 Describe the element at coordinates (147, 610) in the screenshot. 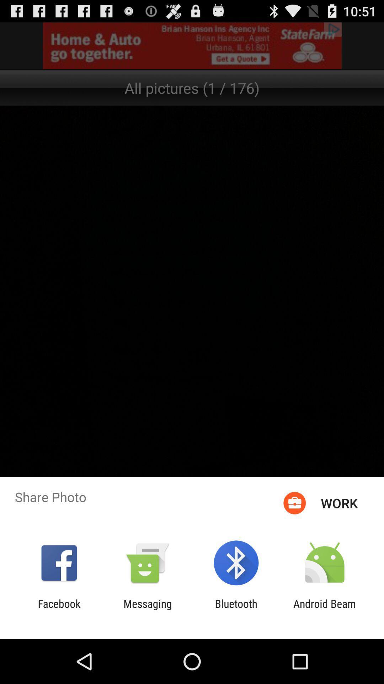

I see `the item to the left of bluetooth` at that location.